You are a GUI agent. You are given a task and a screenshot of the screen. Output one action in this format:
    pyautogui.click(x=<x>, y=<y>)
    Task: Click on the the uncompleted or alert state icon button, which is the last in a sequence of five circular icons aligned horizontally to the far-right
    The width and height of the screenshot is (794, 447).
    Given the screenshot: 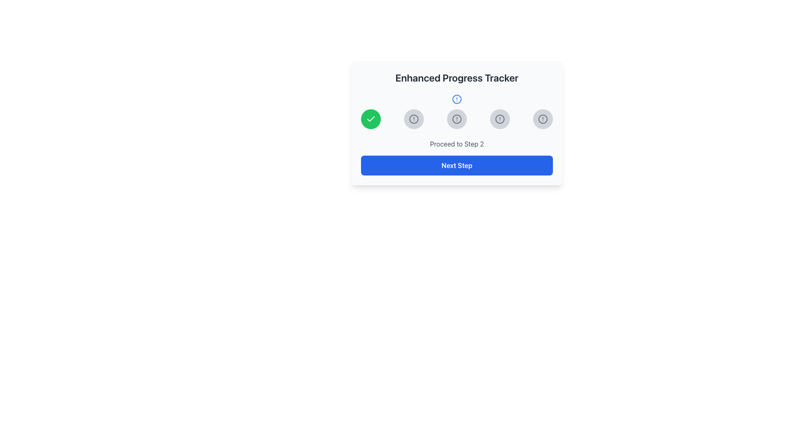 What is the action you would take?
    pyautogui.click(x=543, y=119)
    